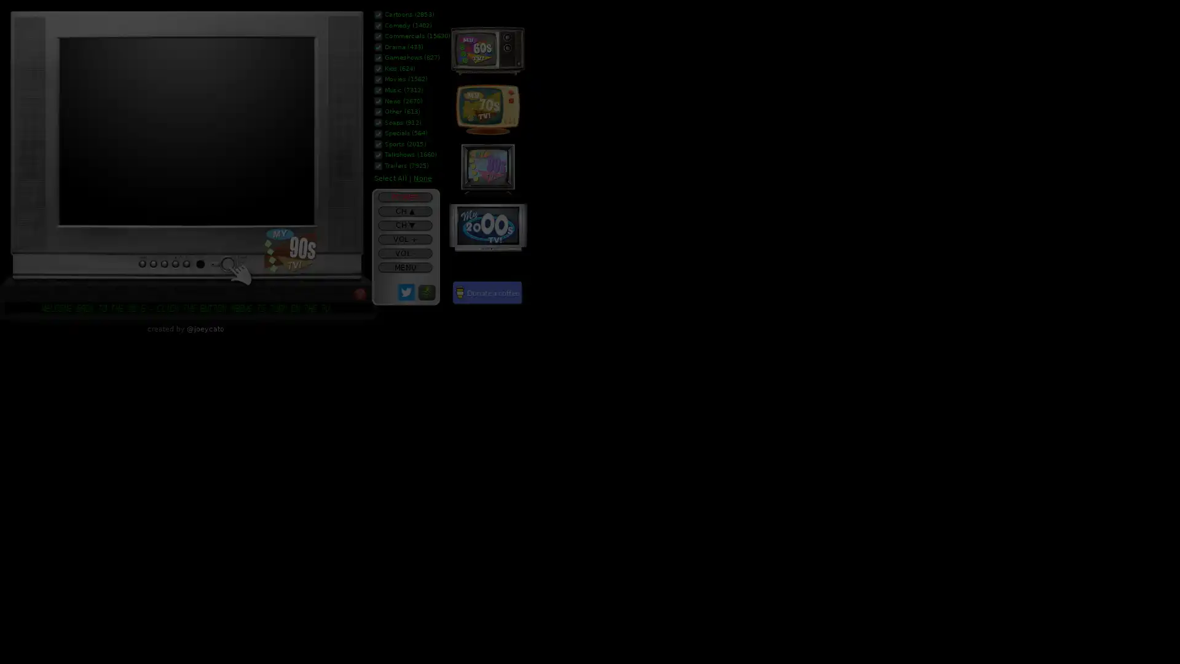 Image resolution: width=1180 pixels, height=664 pixels. Describe the element at coordinates (404, 225) in the screenshot. I see `CH` at that location.